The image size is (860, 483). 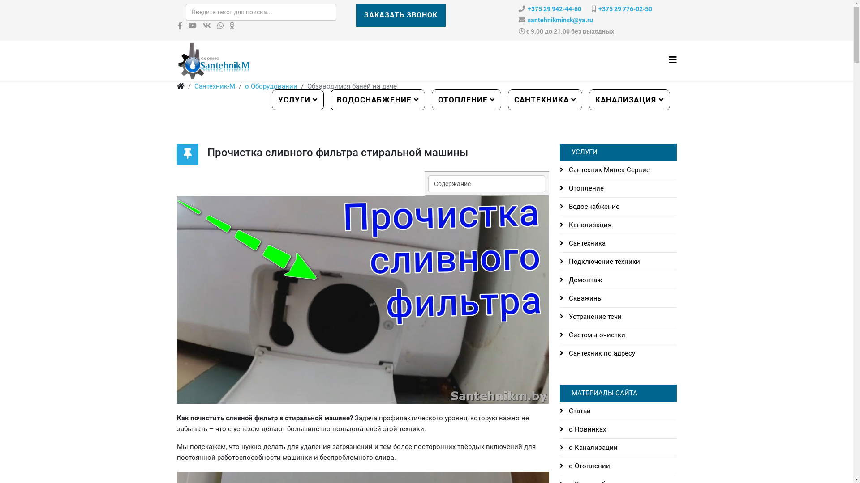 I want to click on '+375 29 942-44-60', so click(x=554, y=9).